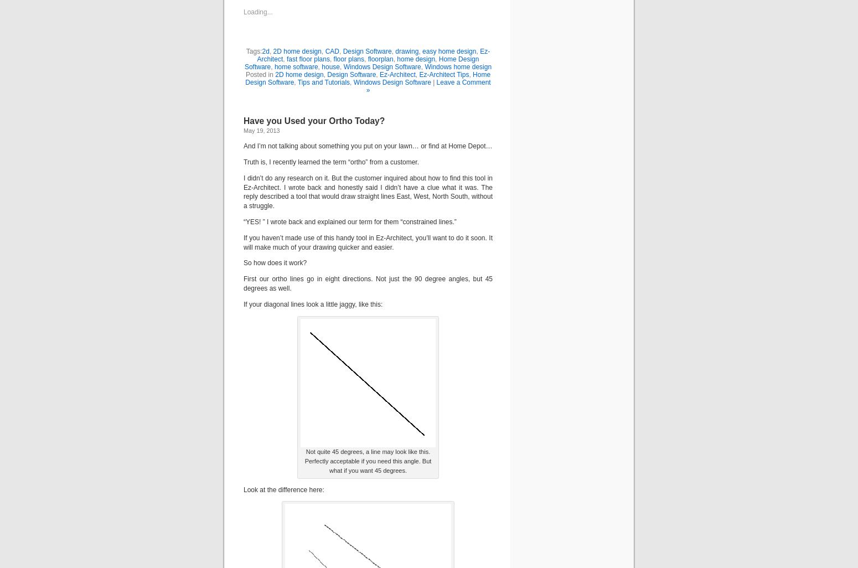  What do you see at coordinates (254, 50) in the screenshot?
I see `'Tags:'` at bounding box center [254, 50].